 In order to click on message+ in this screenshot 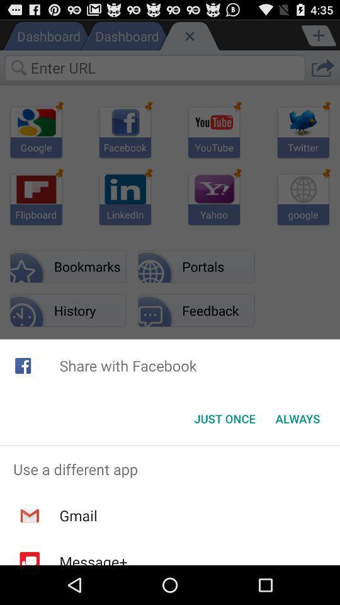, I will do `click(93, 558)`.